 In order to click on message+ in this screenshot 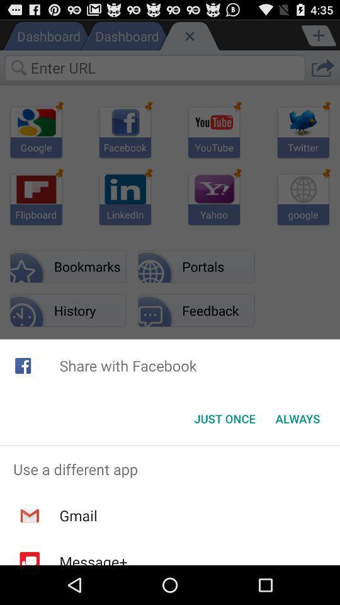, I will do `click(93, 558)`.